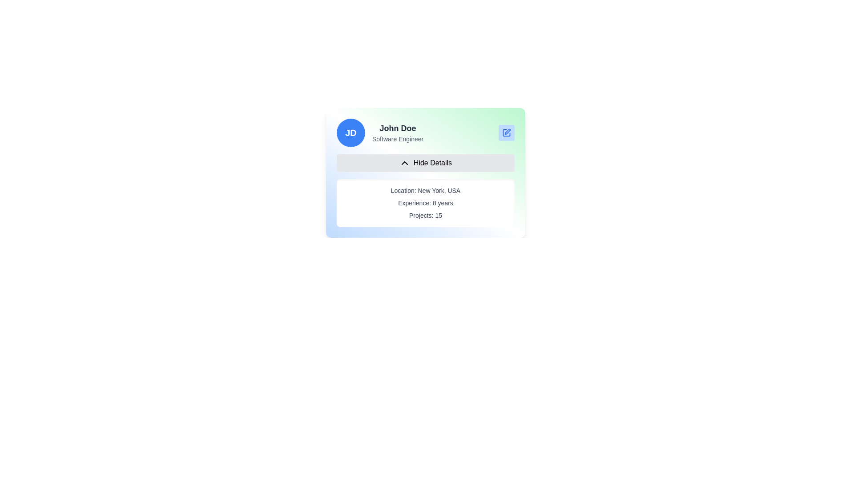 This screenshot has width=854, height=480. I want to click on the Text Display element that shows the name and job title of the user, located to the right of a blue circular badge with the initials 'JD', so click(397, 133).